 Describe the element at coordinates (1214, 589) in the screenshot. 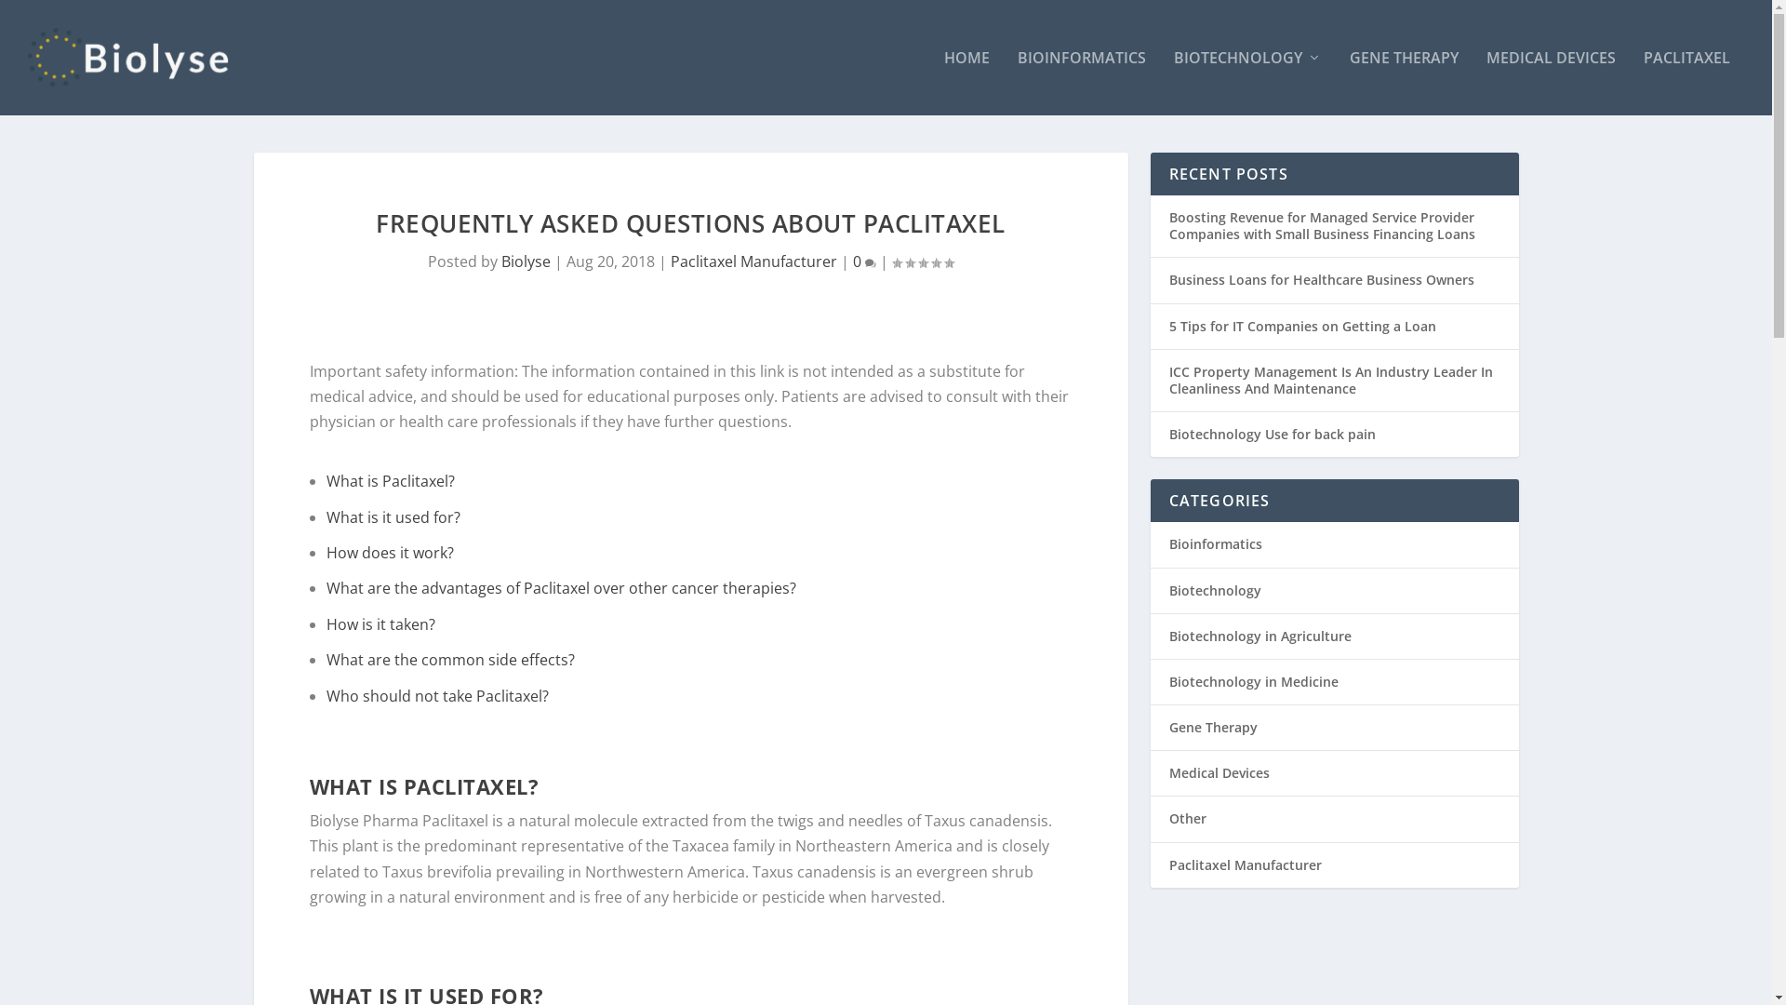

I see `'Biotechnology'` at that location.